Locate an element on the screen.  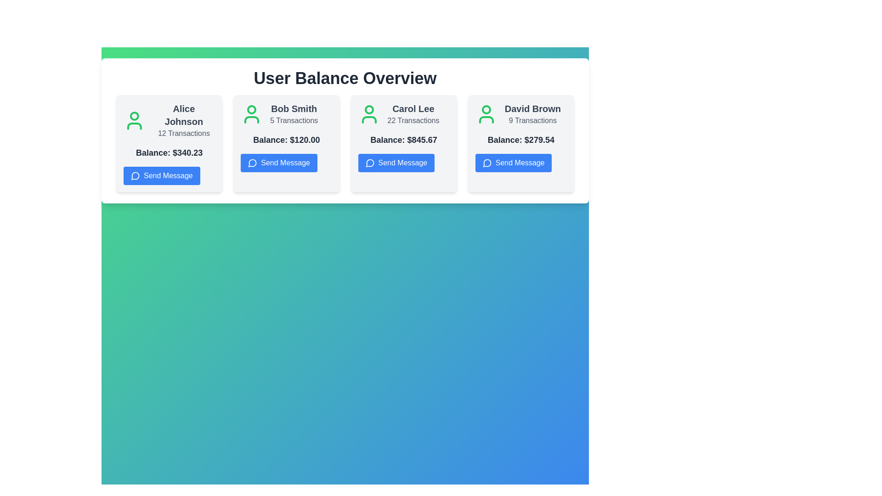
the small circular blue speech bubble icon within the 'Send Message' button located in Bob Smith's card is located at coordinates (252, 163).